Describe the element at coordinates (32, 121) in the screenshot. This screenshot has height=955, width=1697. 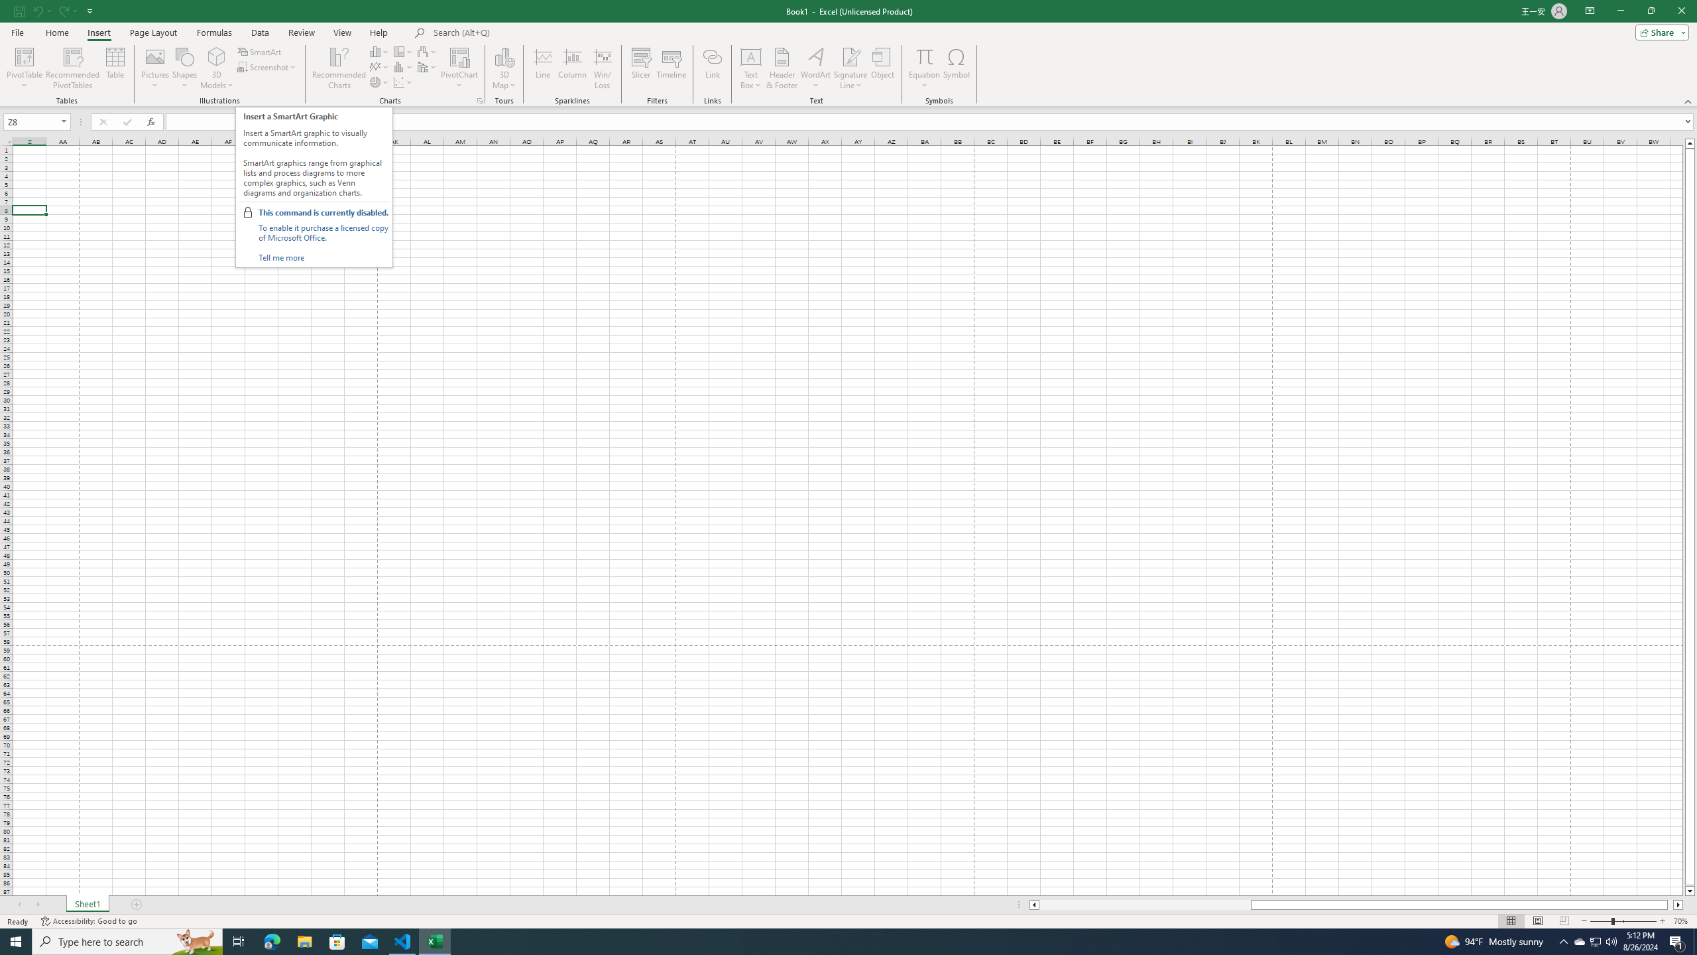
I see `'Name Box'` at that location.